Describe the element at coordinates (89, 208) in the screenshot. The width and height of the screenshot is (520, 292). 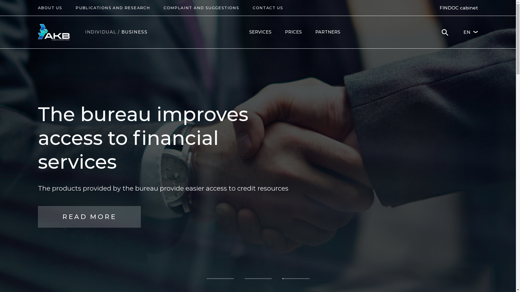
I see `'READ MORE'` at that location.